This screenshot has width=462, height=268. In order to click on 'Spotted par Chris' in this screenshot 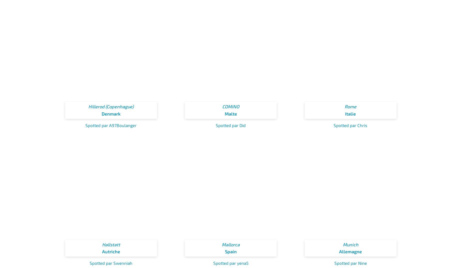, I will do `click(350, 125)`.